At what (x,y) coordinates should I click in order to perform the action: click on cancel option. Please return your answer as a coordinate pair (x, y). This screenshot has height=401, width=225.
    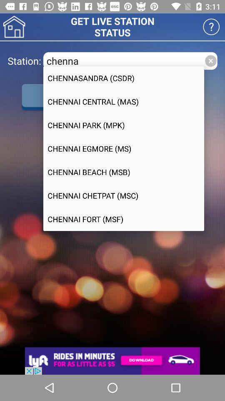
    Looking at the image, I should click on (210, 60).